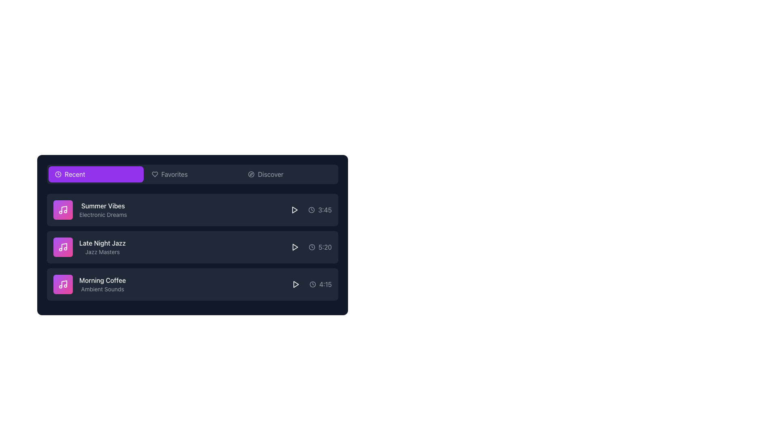  I want to click on the circular play button for the 'Morning Coffee - Ambient Sounds' track, located in the lower right section next to '4:15', so click(295, 284).